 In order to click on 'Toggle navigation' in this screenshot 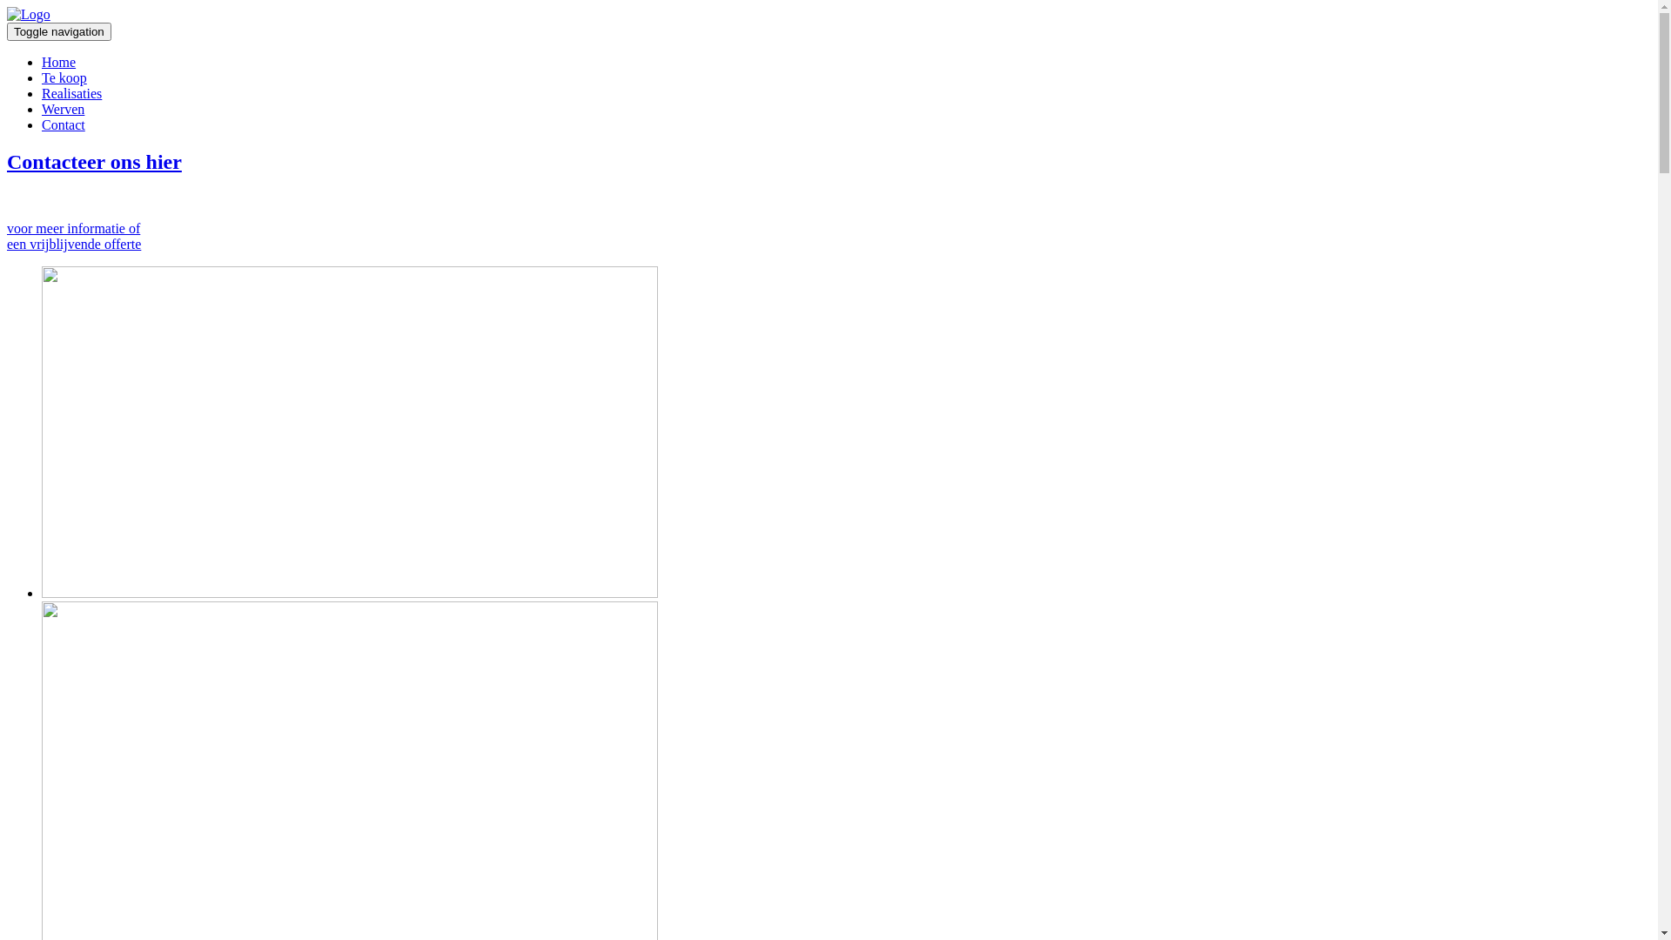, I will do `click(58, 31)`.